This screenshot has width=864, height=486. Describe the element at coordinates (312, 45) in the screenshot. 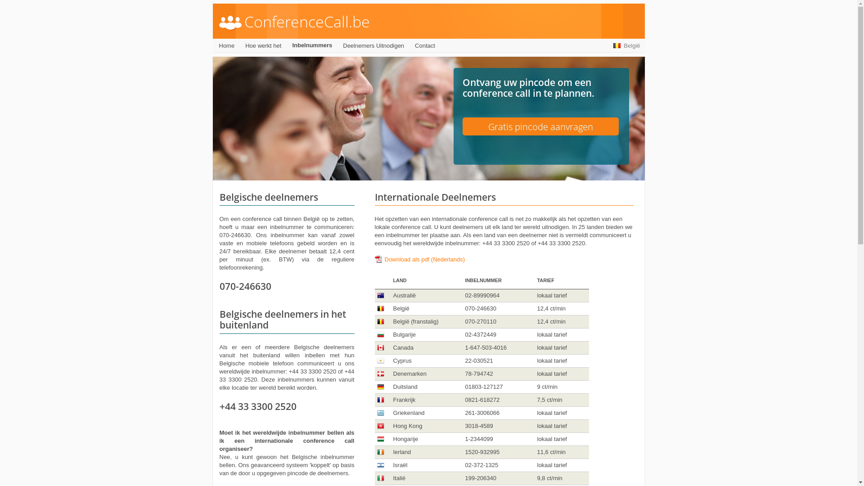

I see `'Inbelnummers'` at that location.